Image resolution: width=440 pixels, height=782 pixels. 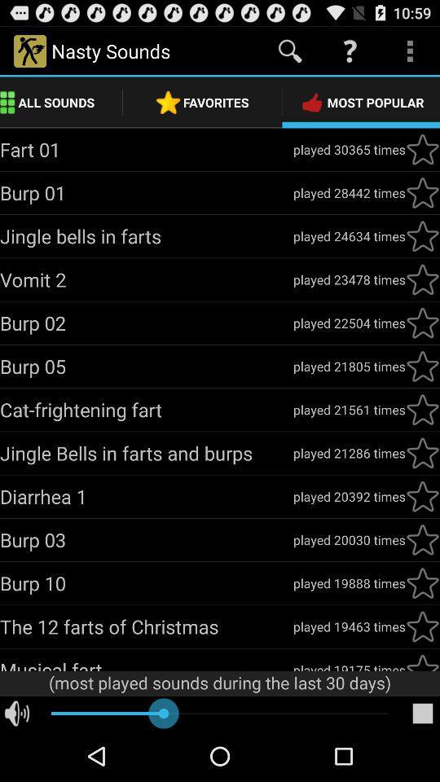 What do you see at coordinates (422, 626) in the screenshot?
I see `like button` at bounding box center [422, 626].